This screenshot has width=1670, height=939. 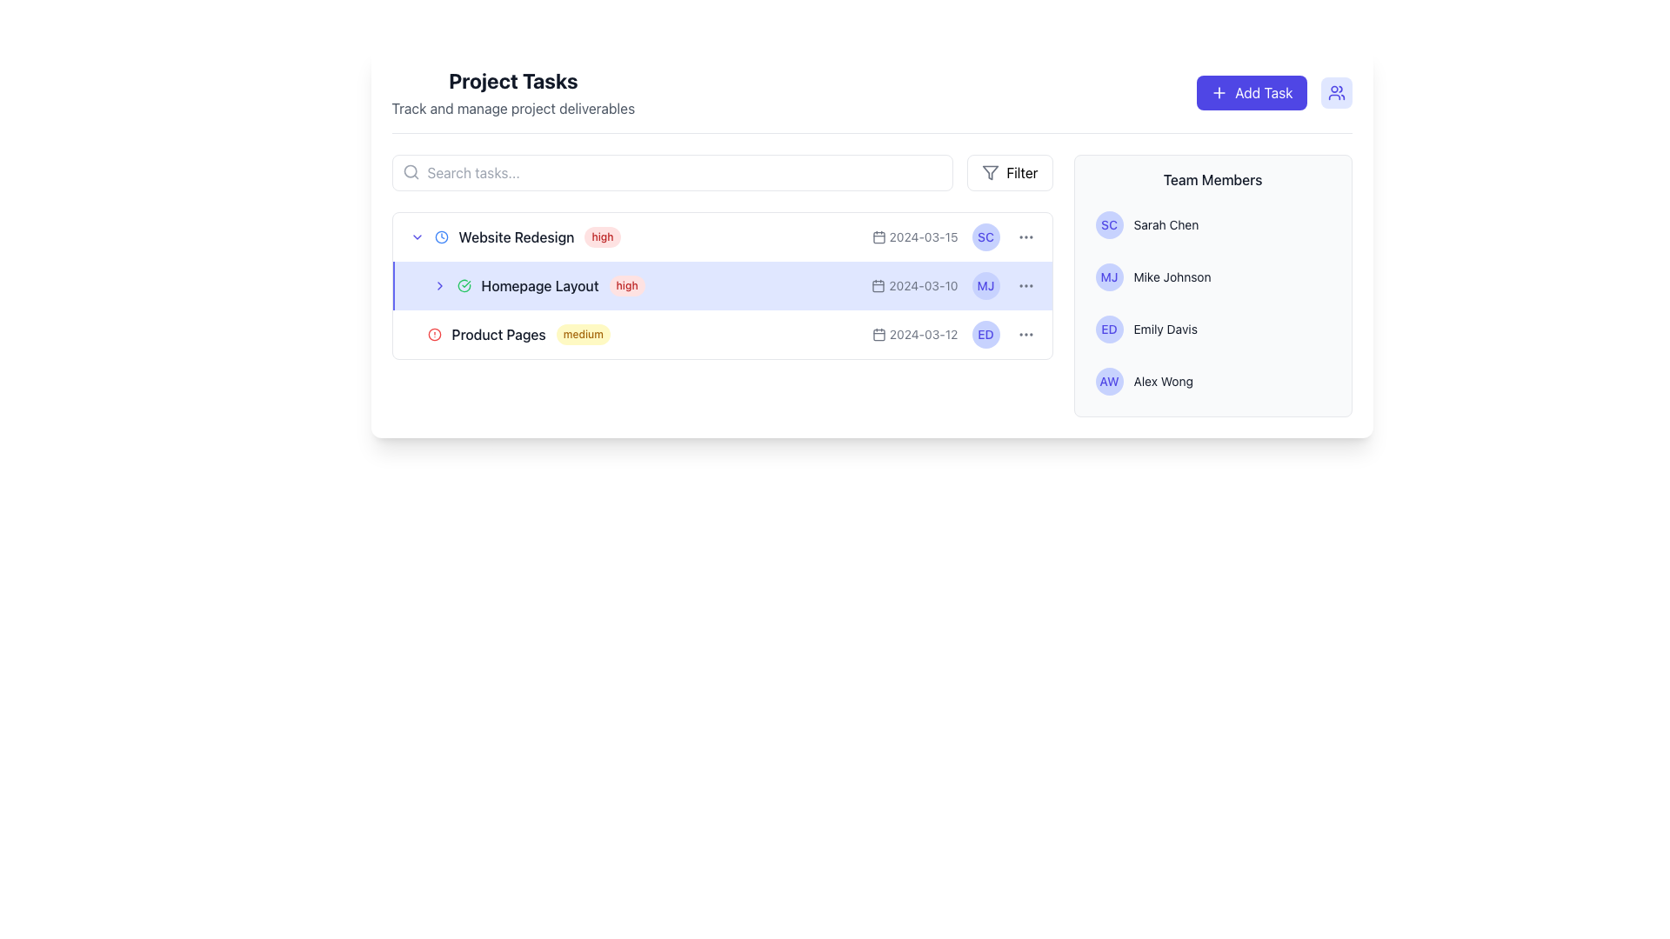 What do you see at coordinates (1212, 284) in the screenshot?
I see `the team member overview panel located on the right side of the page, which displays initials and full names of team members` at bounding box center [1212, 284].